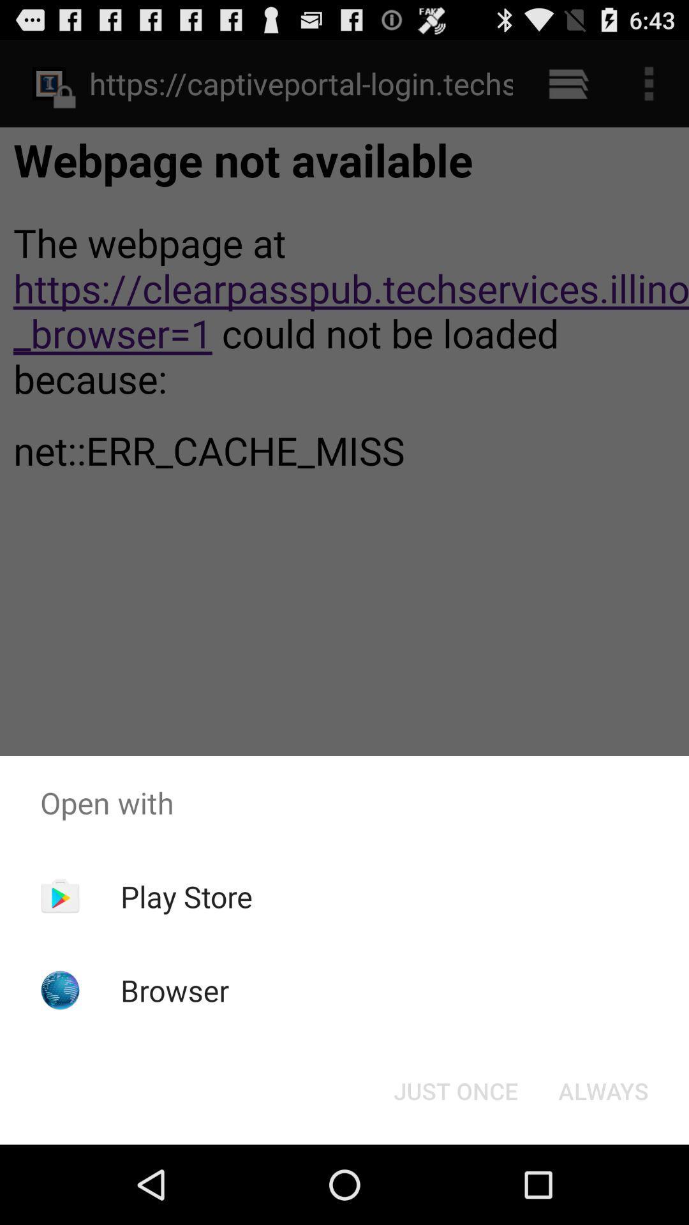 Image resolution: width=689 pixels, height=1225 pixels. What do you see at coordinates (455, 1090) in the screenshot?
I see `just once icon` at bounding box center [455, 1090].